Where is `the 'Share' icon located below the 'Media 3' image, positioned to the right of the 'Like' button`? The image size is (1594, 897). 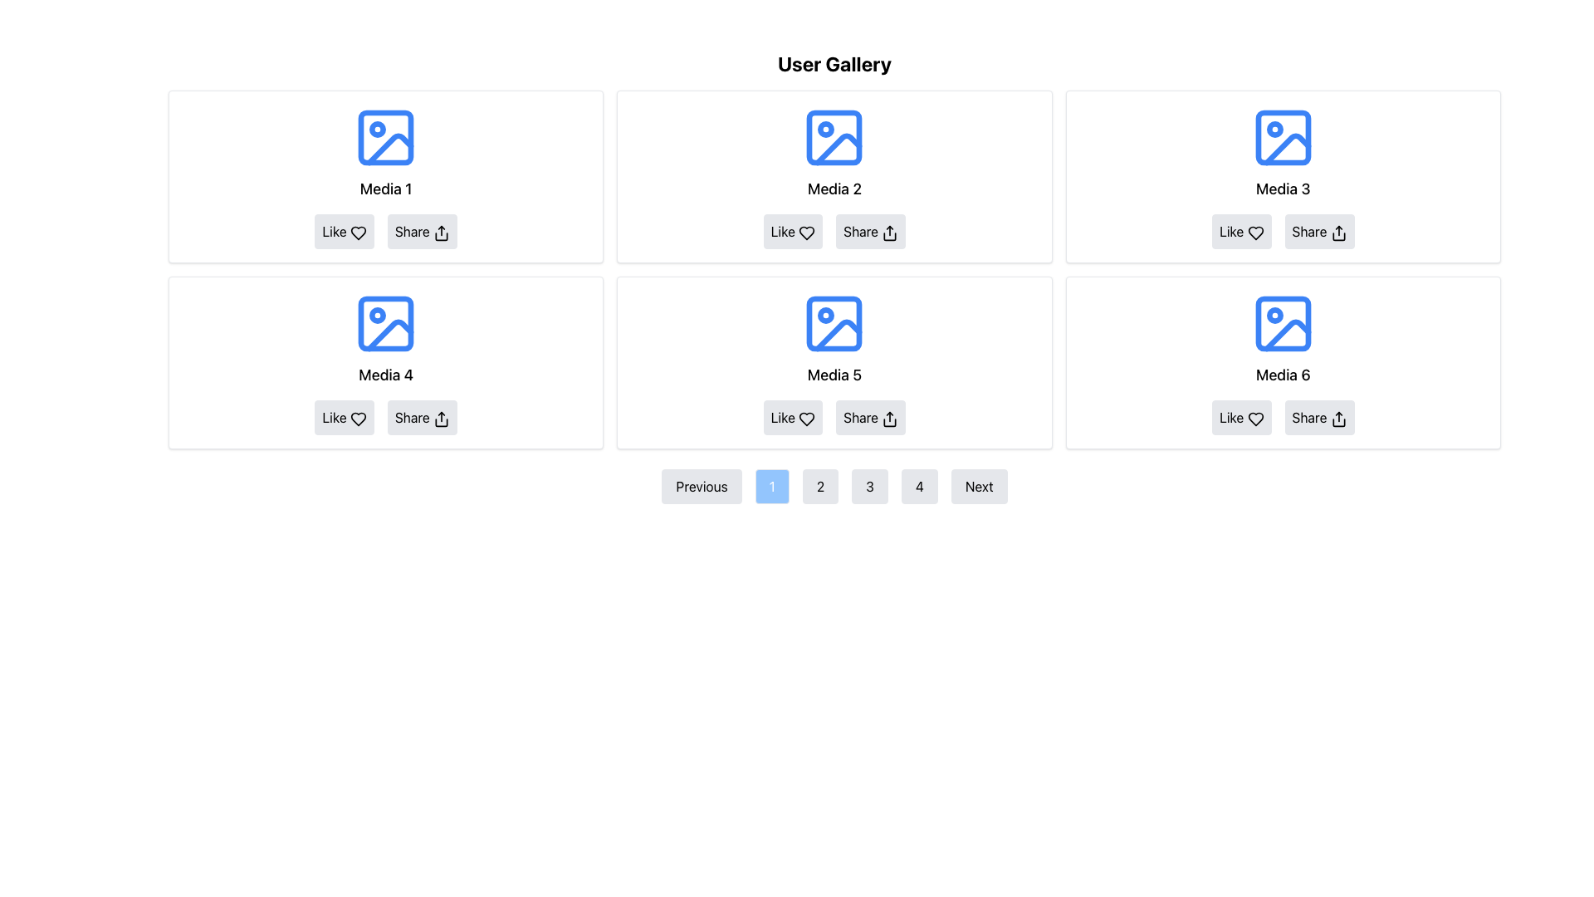
the 'Share' icon located below the 'Media 3' image, positioned to the right of the 'Like' button is located at coordinates (1338, 233).